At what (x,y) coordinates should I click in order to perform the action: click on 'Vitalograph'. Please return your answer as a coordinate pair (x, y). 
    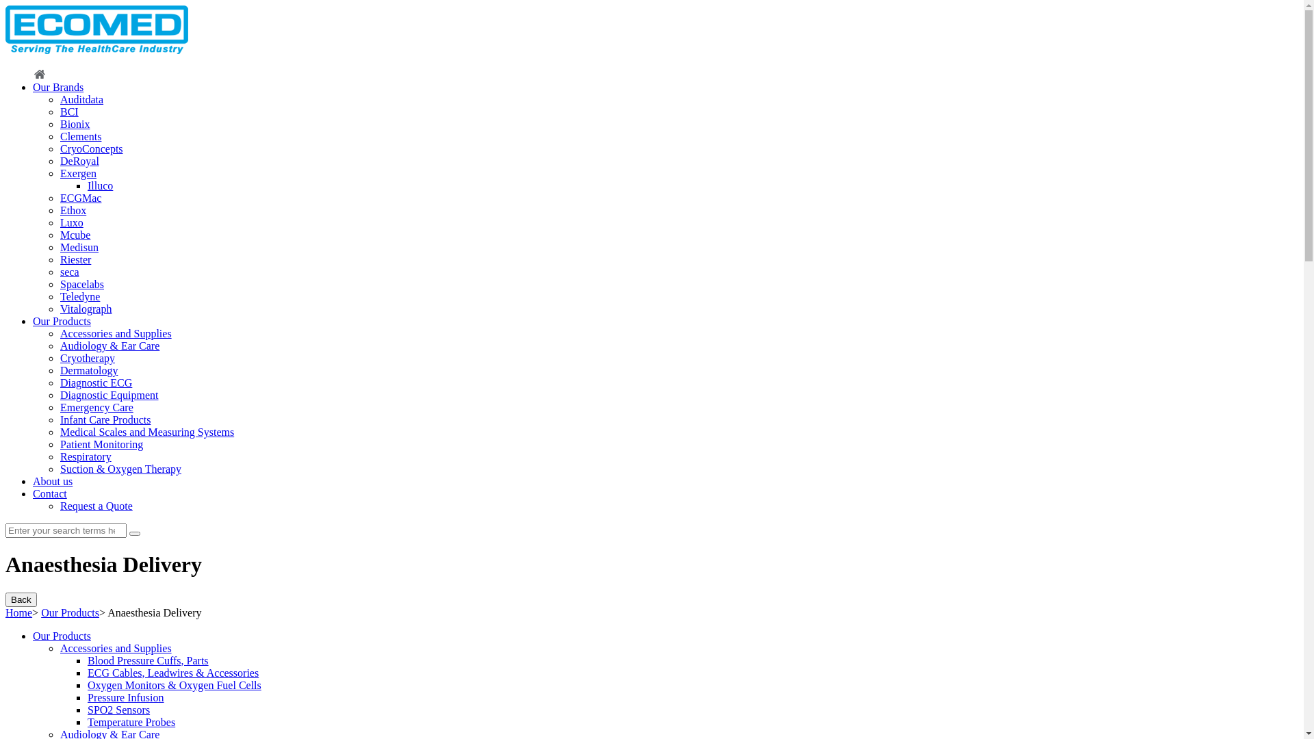
    Looking at the image, I should click on (59, 309).